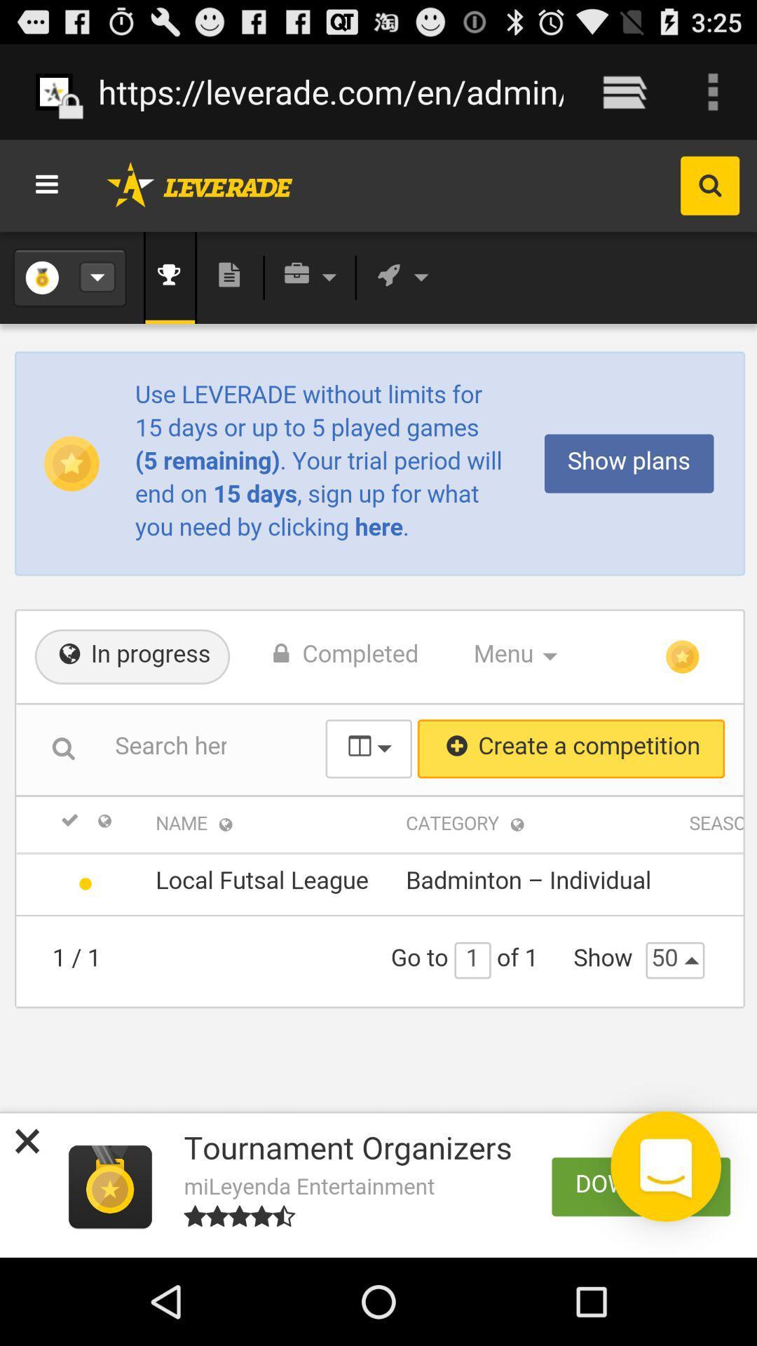  Describe the element at coordinates (624, 91) in the screenshot. I see `the icon to the right of https leverade com icon` at that location.